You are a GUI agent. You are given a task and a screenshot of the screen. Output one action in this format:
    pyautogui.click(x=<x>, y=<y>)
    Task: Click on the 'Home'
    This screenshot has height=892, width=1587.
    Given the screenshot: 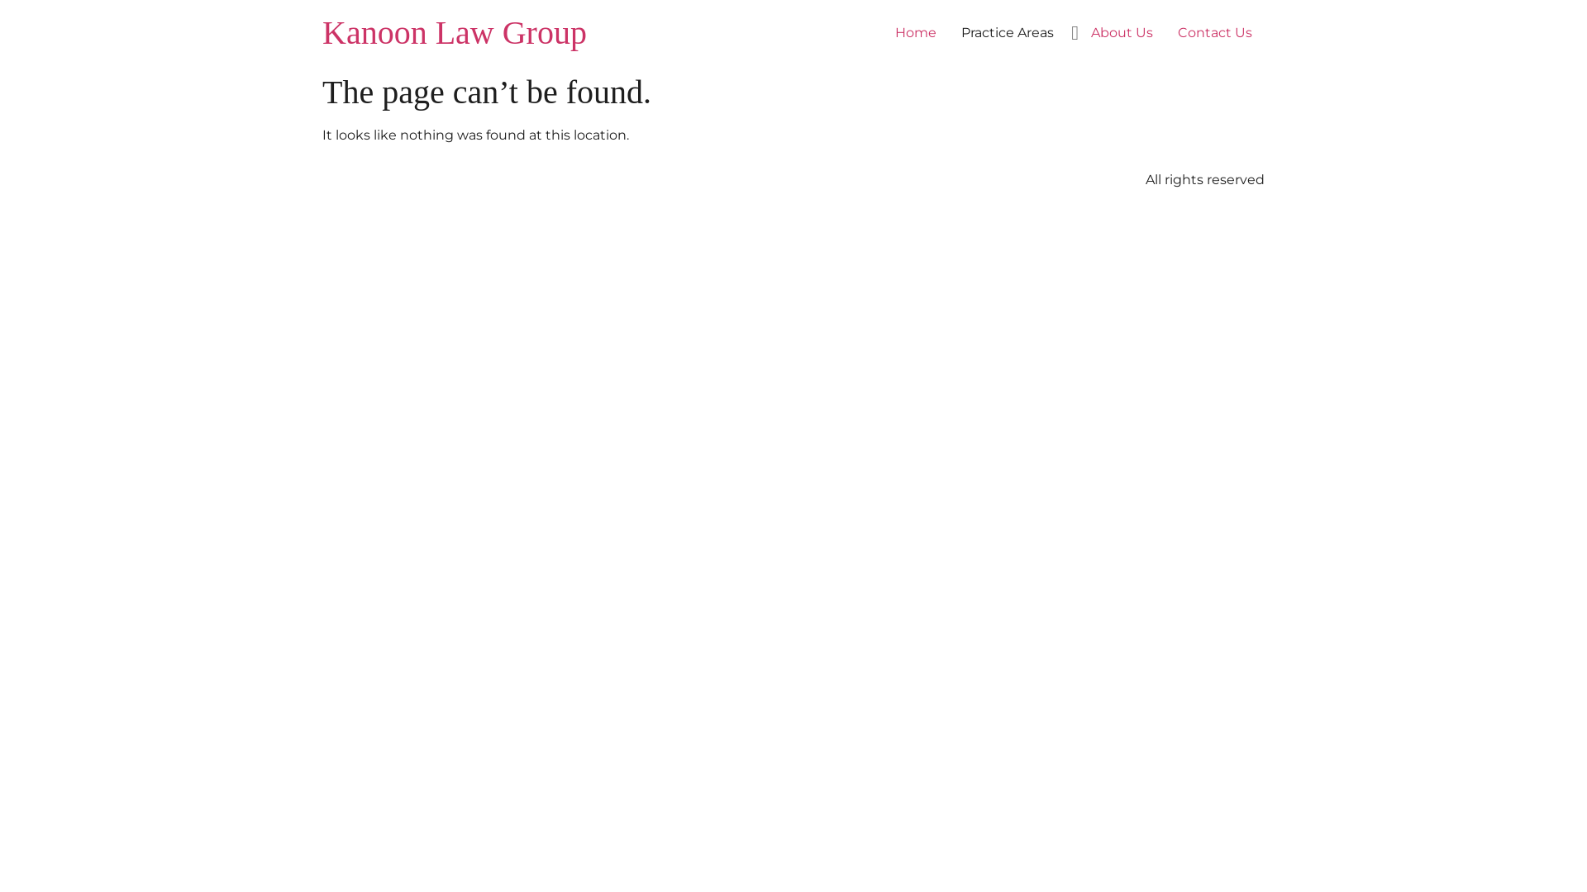 What is the action you would take?
    pyautogui.click(x=915, y=32)
    